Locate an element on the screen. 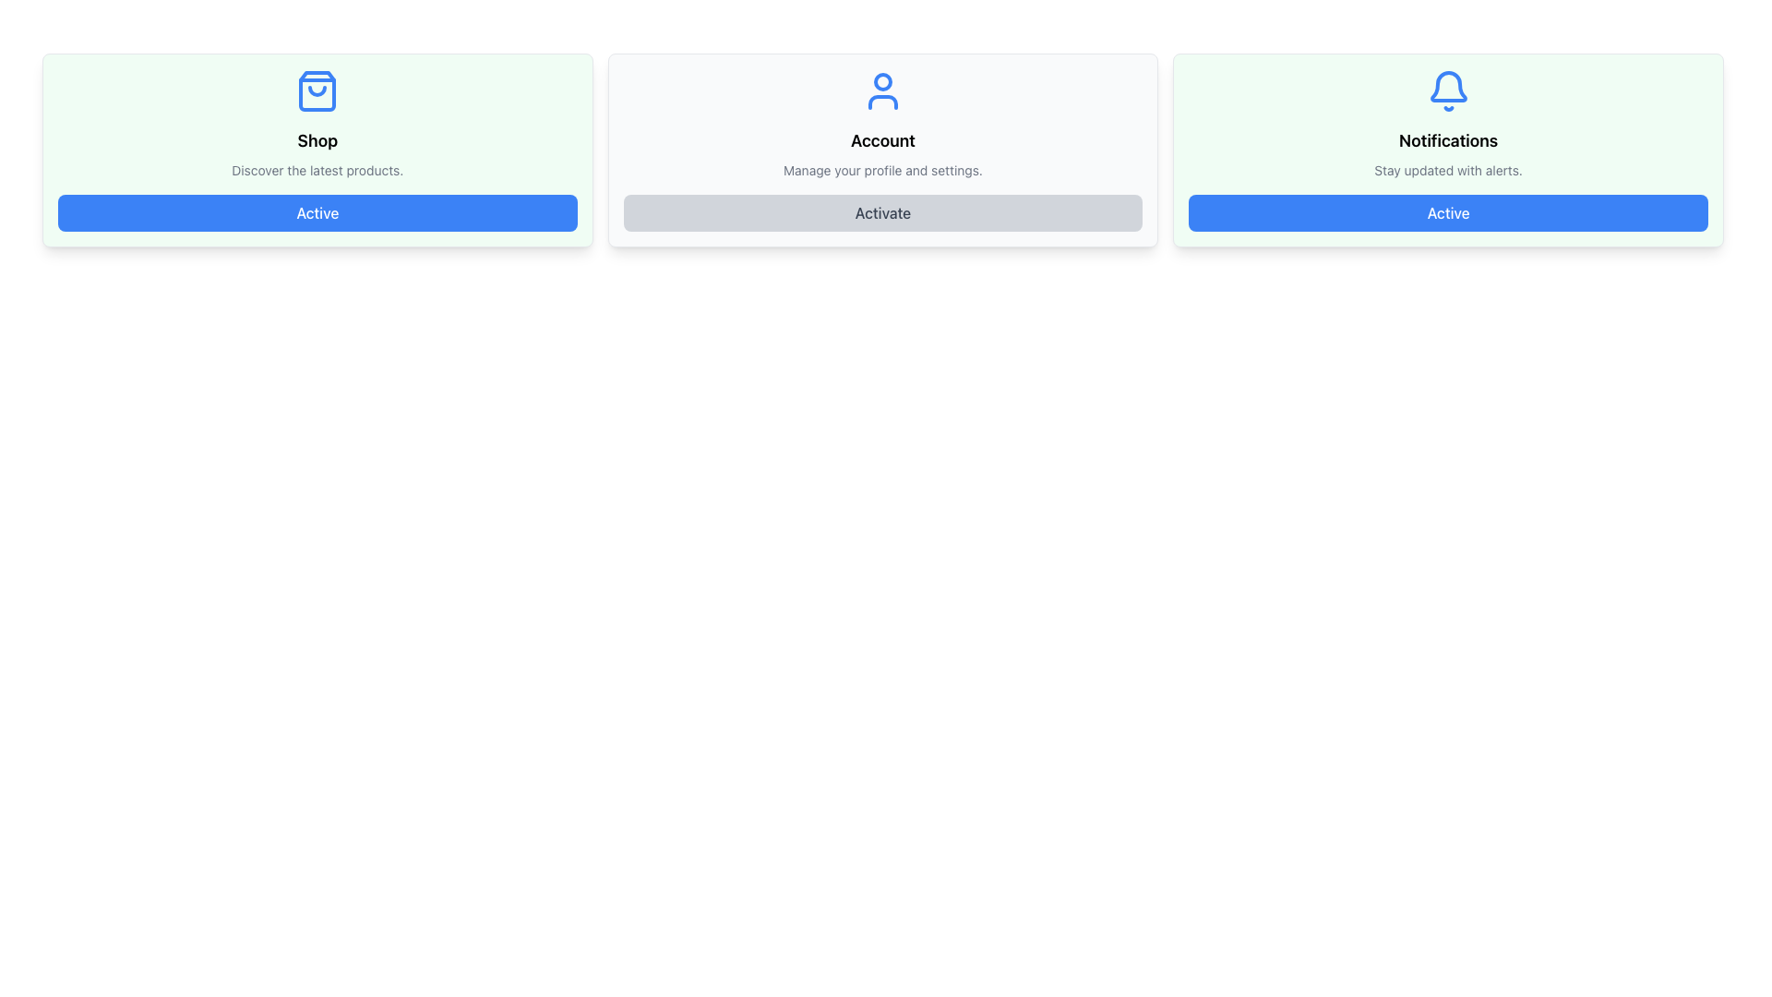 The height and width of the screenshot is (997, 1772). the user account icon, which is a blue circular head and body, located at the top-center of the 'Account' card in a three-card layout is located at coordinates (881, 91).